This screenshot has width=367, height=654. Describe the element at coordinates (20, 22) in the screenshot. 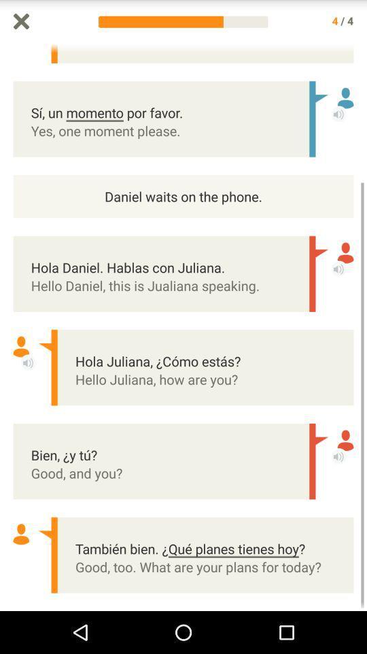

I see `the close icon` at that location.